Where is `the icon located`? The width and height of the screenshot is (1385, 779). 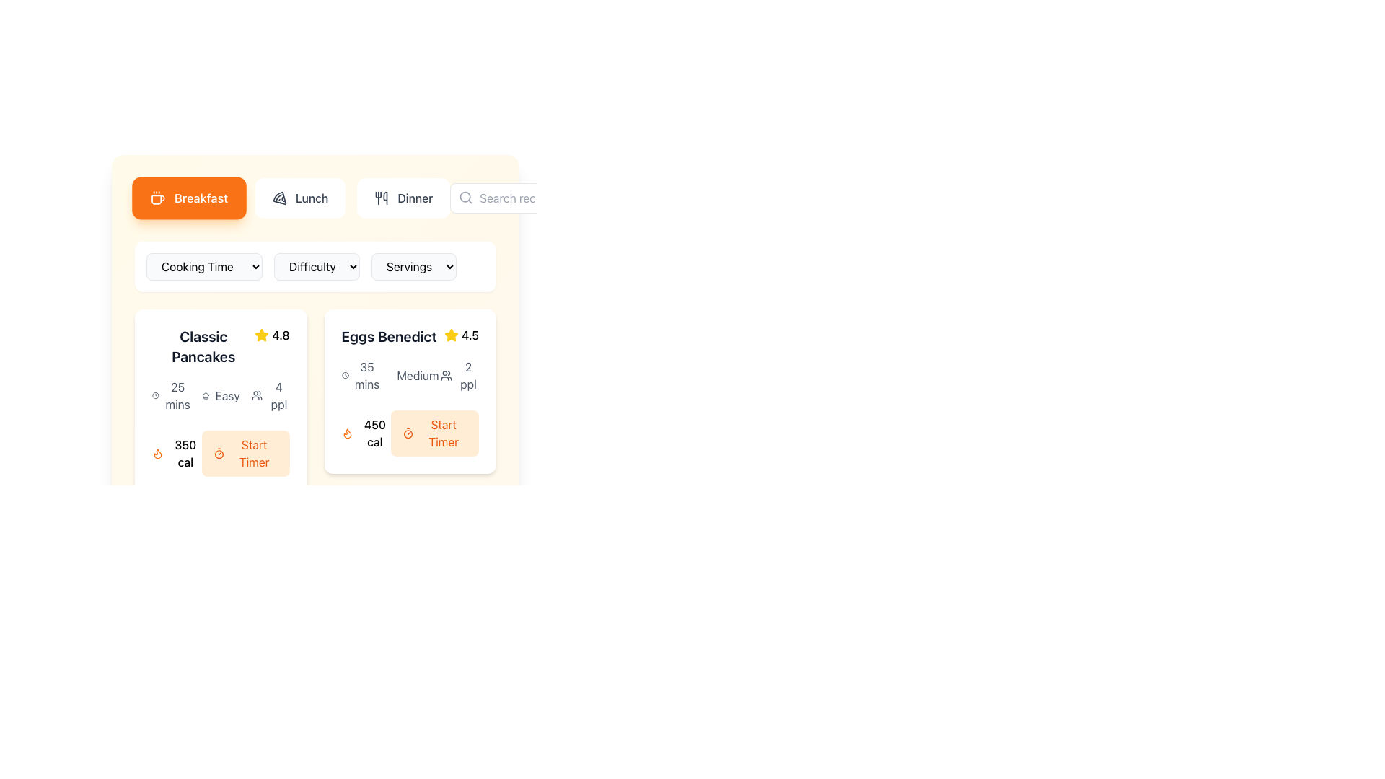
the icon located is located at coordinates (408, 433).